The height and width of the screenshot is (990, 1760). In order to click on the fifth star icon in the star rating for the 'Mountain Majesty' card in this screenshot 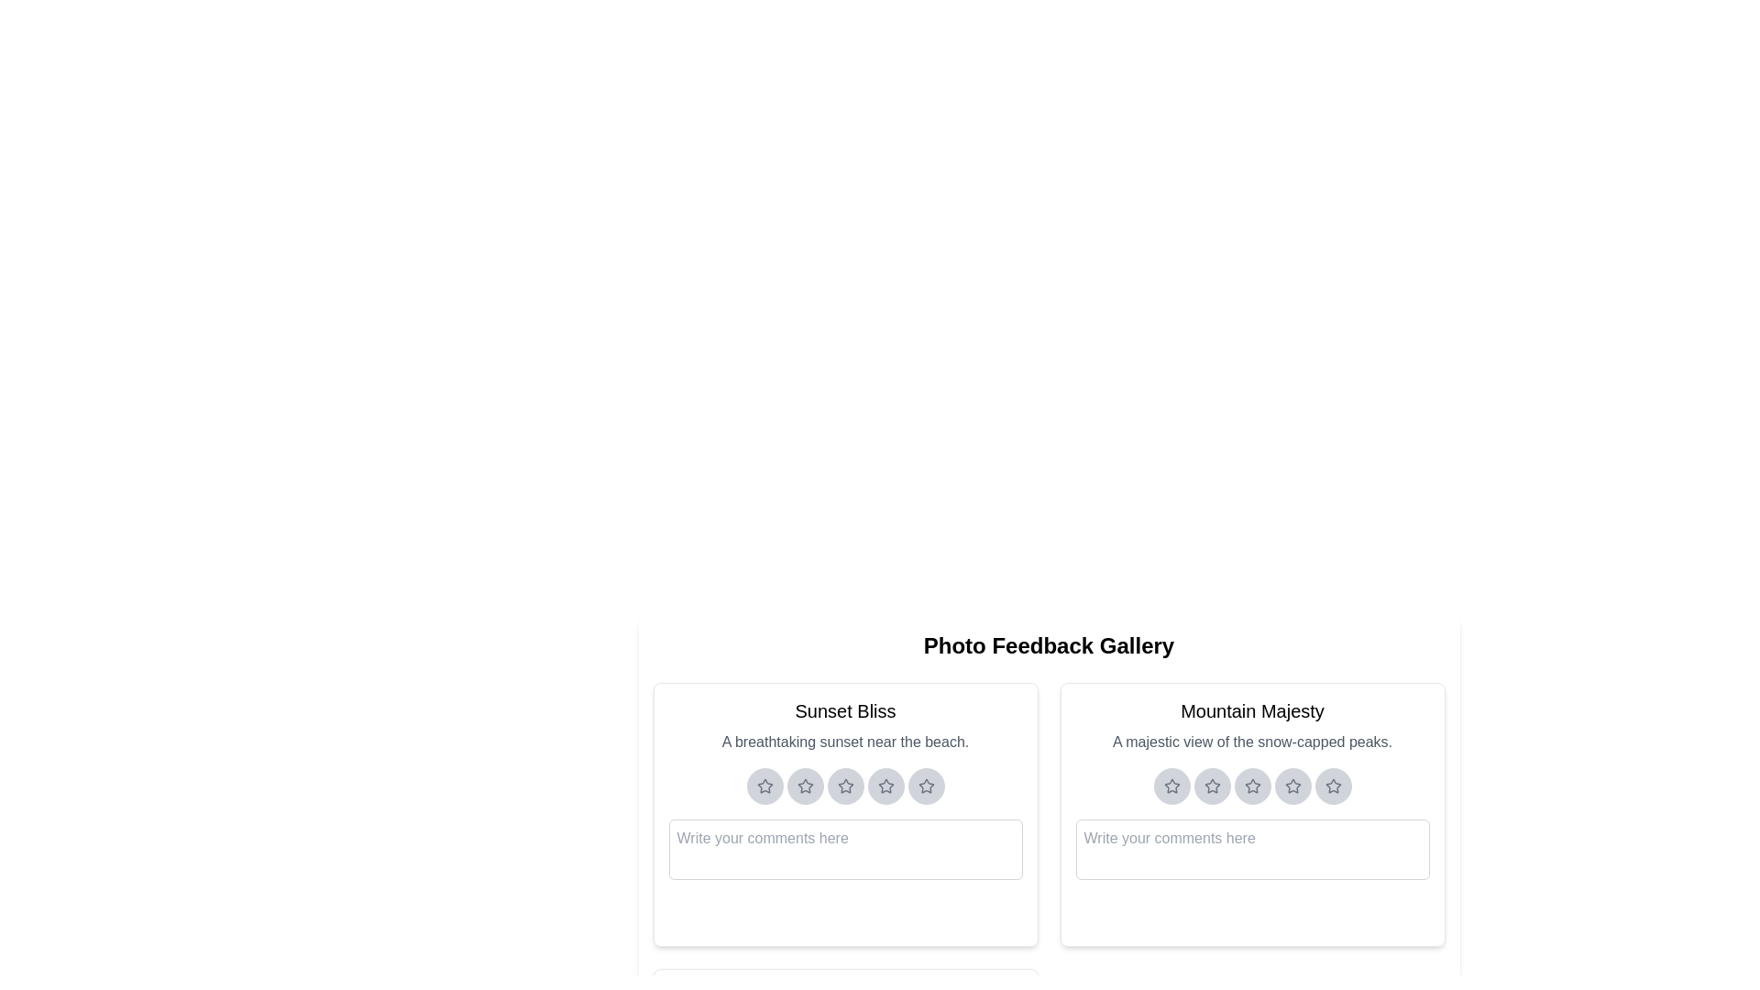, I will do `click(1333, 785)`.